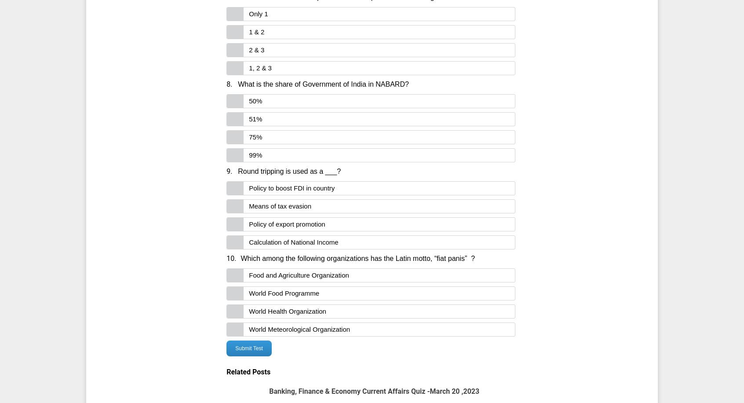 The image size is (744, 403). What do you see at coordinates (374, 391) in the screenshot?
I see `'Banking, Finance & Economy Current Affairs Quiz -March 20 ,2023'` at bounding box center [374, 391].